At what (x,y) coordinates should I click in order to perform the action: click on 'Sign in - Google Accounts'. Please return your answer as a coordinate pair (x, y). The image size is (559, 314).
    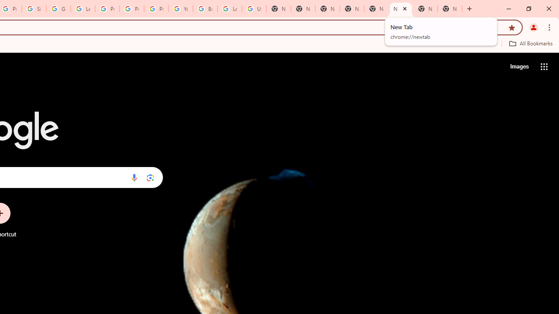
    Looking at the image, I should click on (34, 9).